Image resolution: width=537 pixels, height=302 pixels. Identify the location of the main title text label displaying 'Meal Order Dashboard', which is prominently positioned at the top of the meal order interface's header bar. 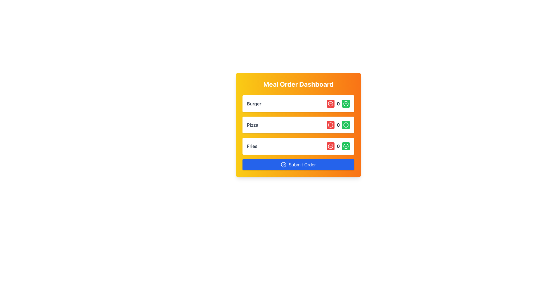
(298, 84).